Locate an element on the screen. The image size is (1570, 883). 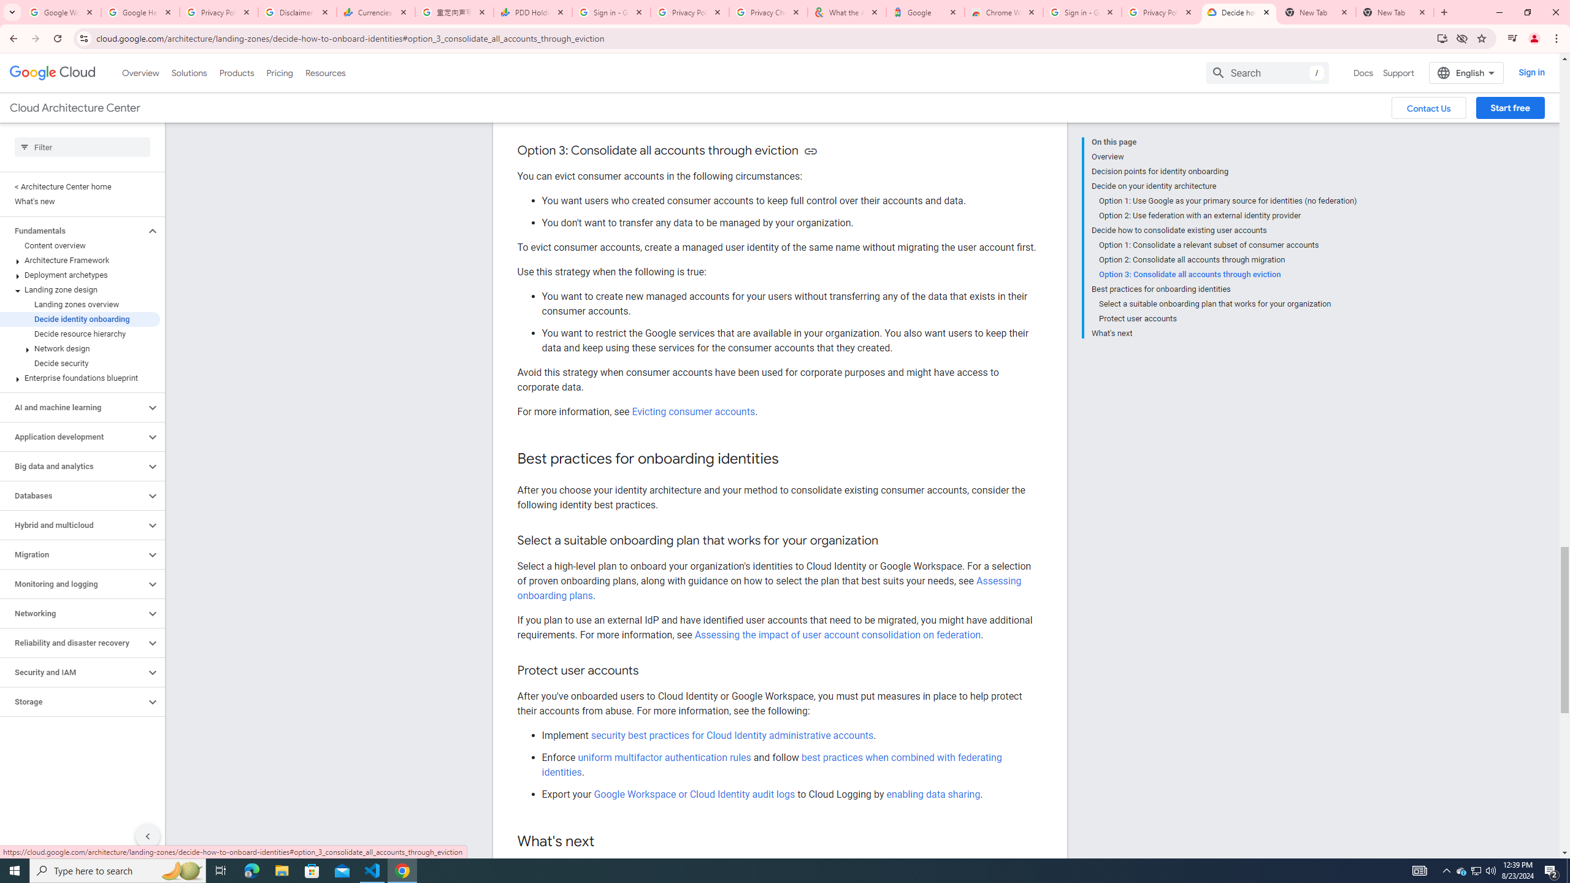
'Cloud Architecture Center' is located at coordinates (74, 108).